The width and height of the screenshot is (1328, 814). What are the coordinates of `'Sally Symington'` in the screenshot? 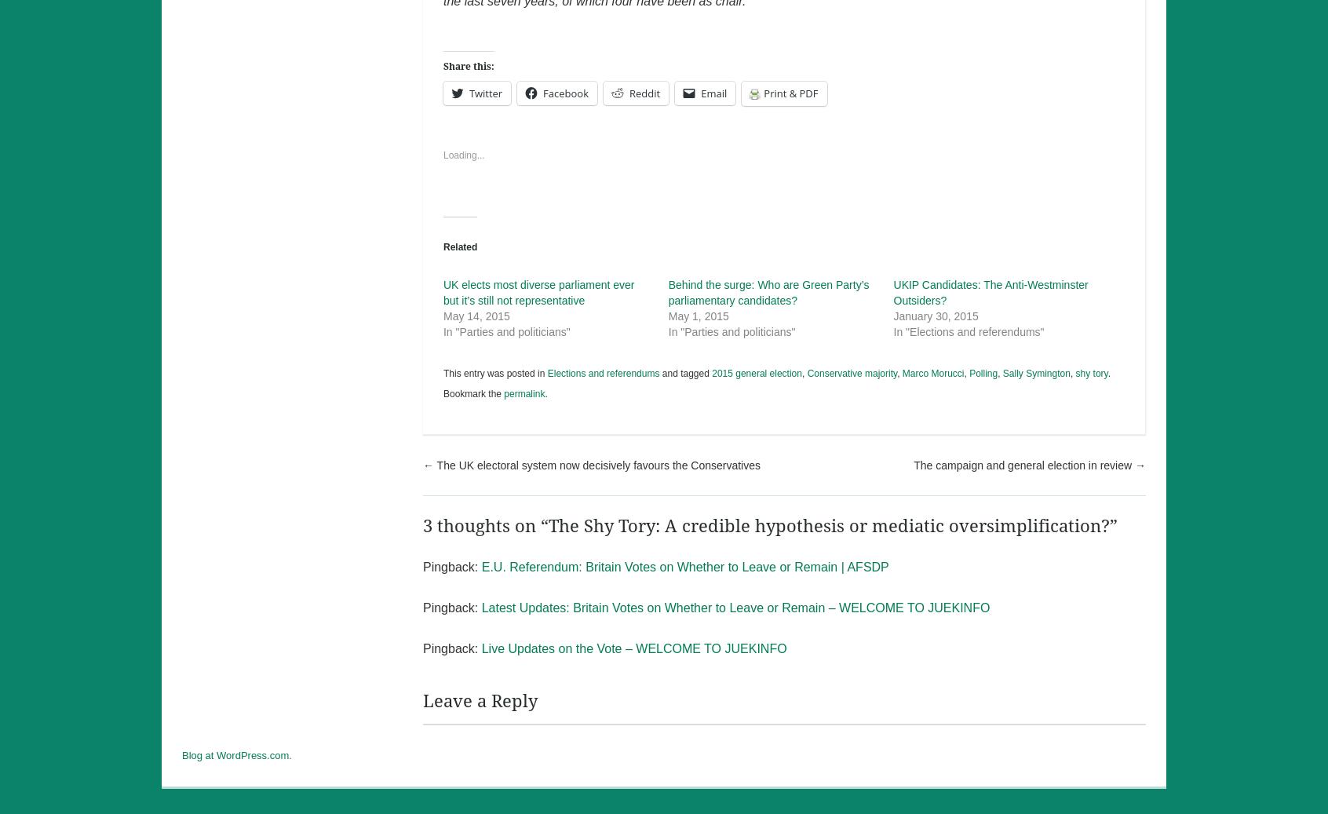 It's located at (1034, 372).